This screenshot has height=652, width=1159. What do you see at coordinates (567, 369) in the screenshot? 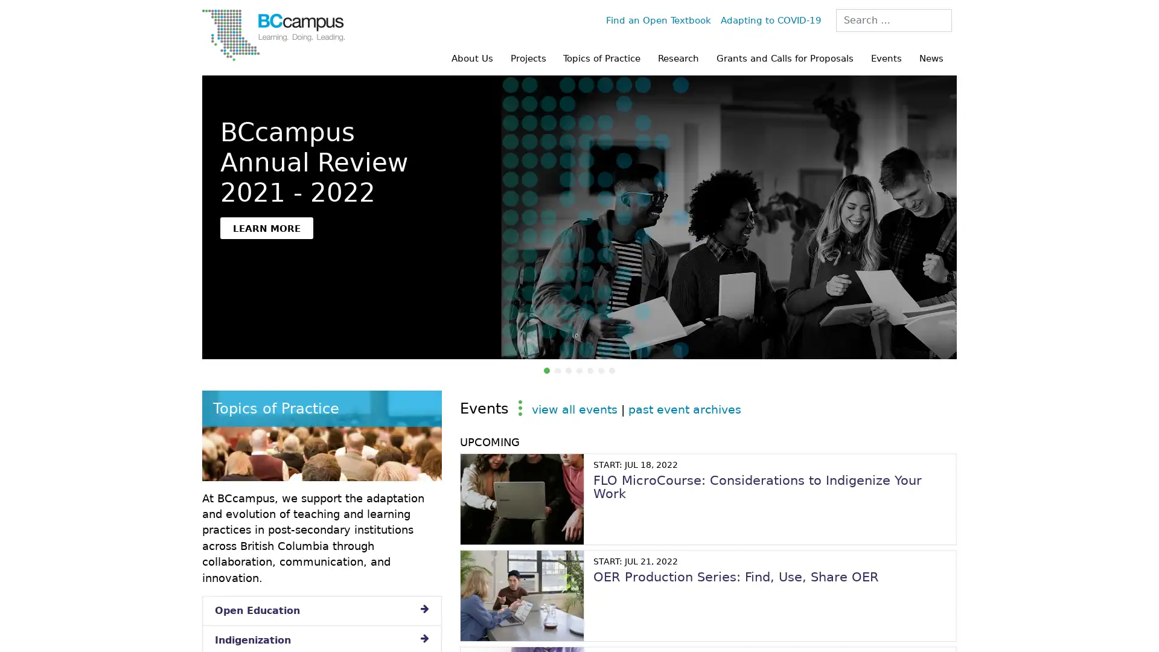
I see `BCcampus Anti-Racism Statement` at bounding box center [567, 369].